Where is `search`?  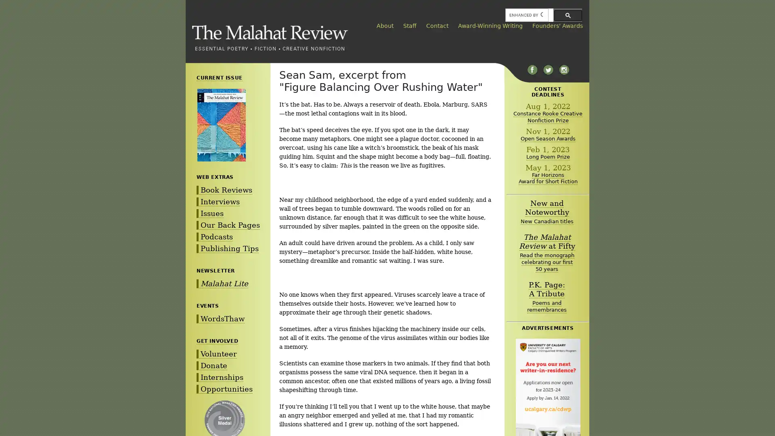 search is located at coordinates (568, 15).